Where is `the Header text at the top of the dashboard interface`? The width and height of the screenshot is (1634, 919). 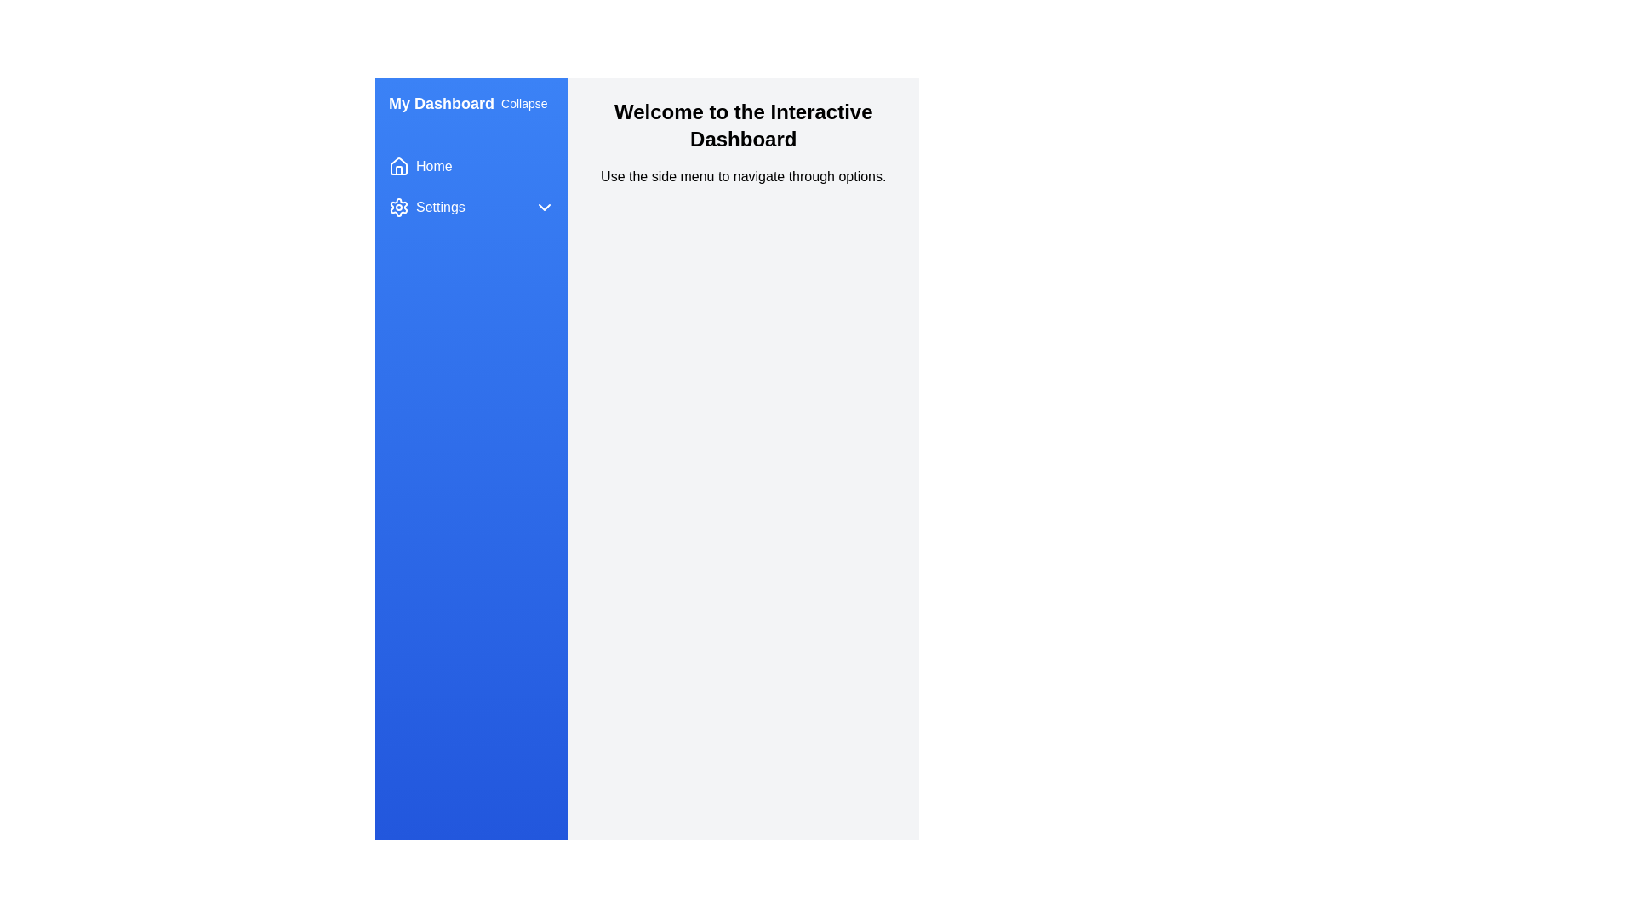 the Header text at the top of the dashboard interface is located at coordinates (743, 124).